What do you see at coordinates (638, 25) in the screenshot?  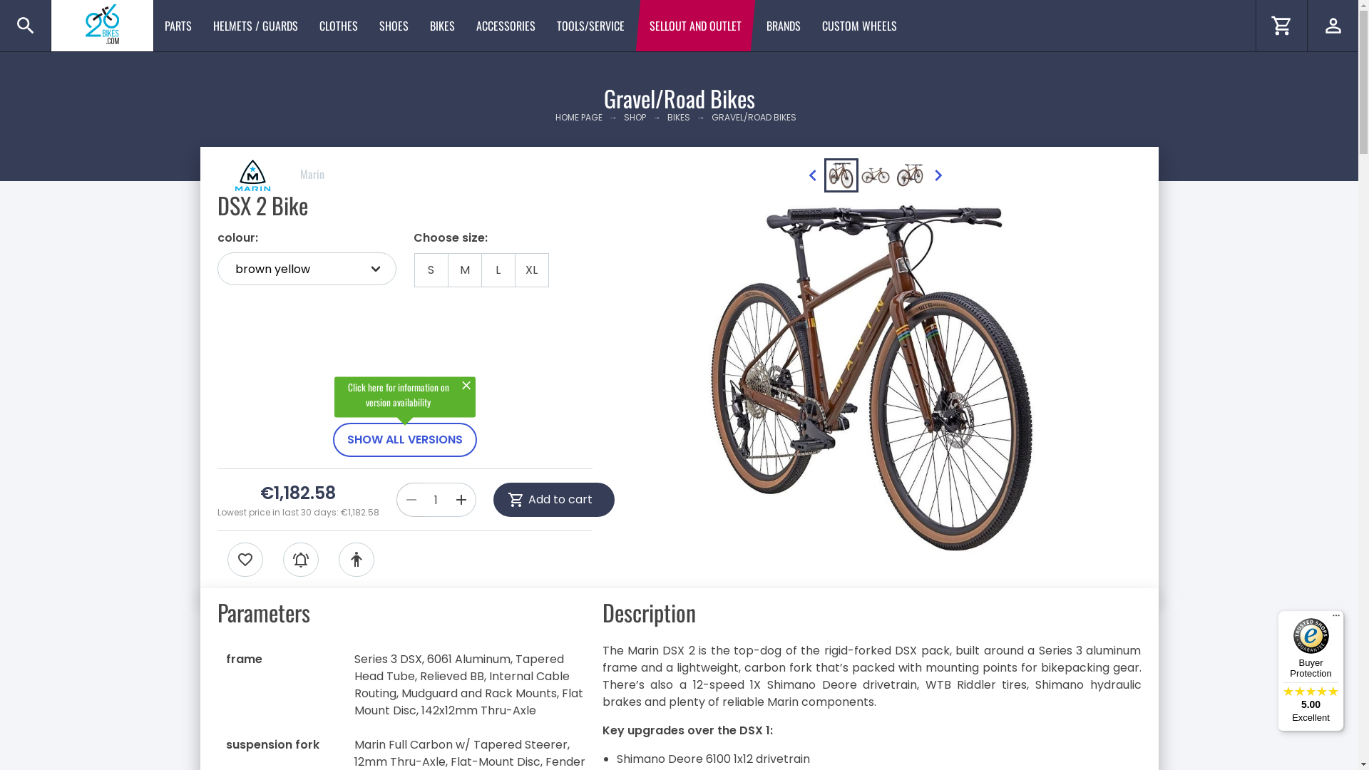 I see `'SELLOUT AND OUTLET'` at bounding box center [638, 25].